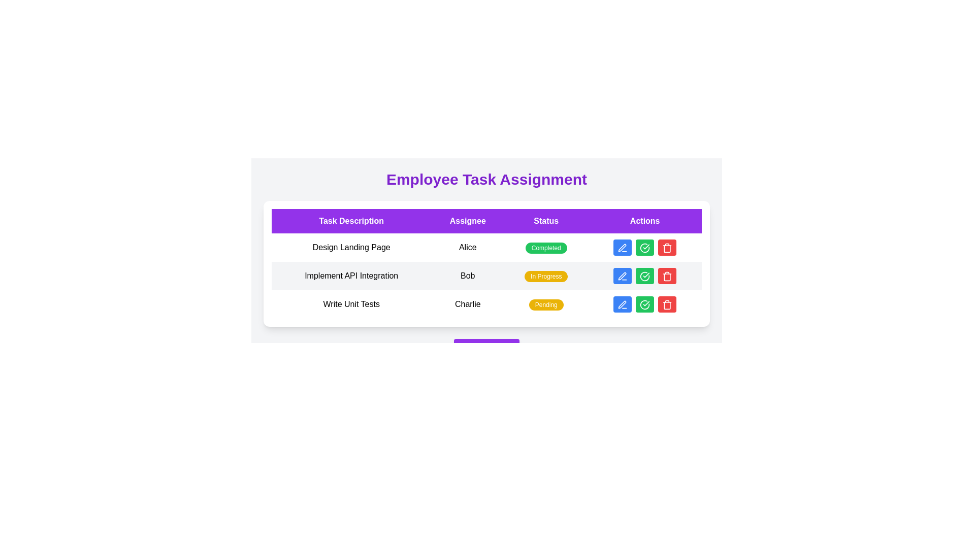  What do you see at coordinates (667, 276) in the screenshot?
I see `the trash icon button in the 'Actions' column of the second row of the task list` at bounding box center [667, 276].